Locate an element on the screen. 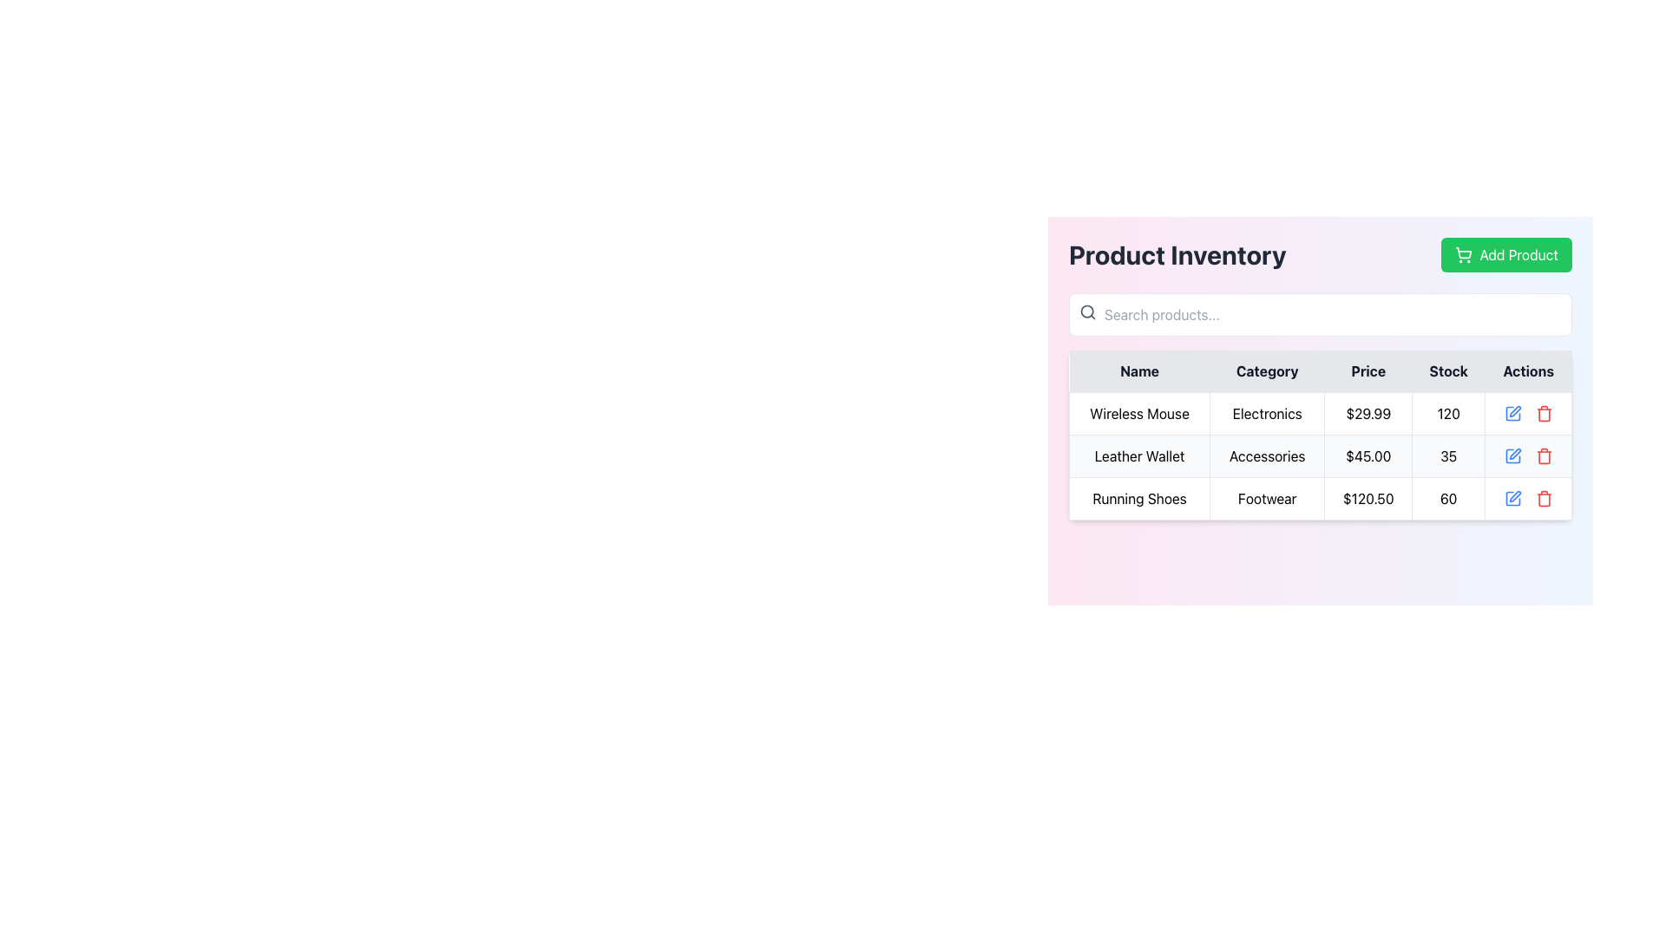 The width and height of the screenshot is (1666, 937). the delete icon button in the third row of the 'Actions' column of the 'Product Inventory' table to observe its hover effect is located at coordinates (1544, 498).